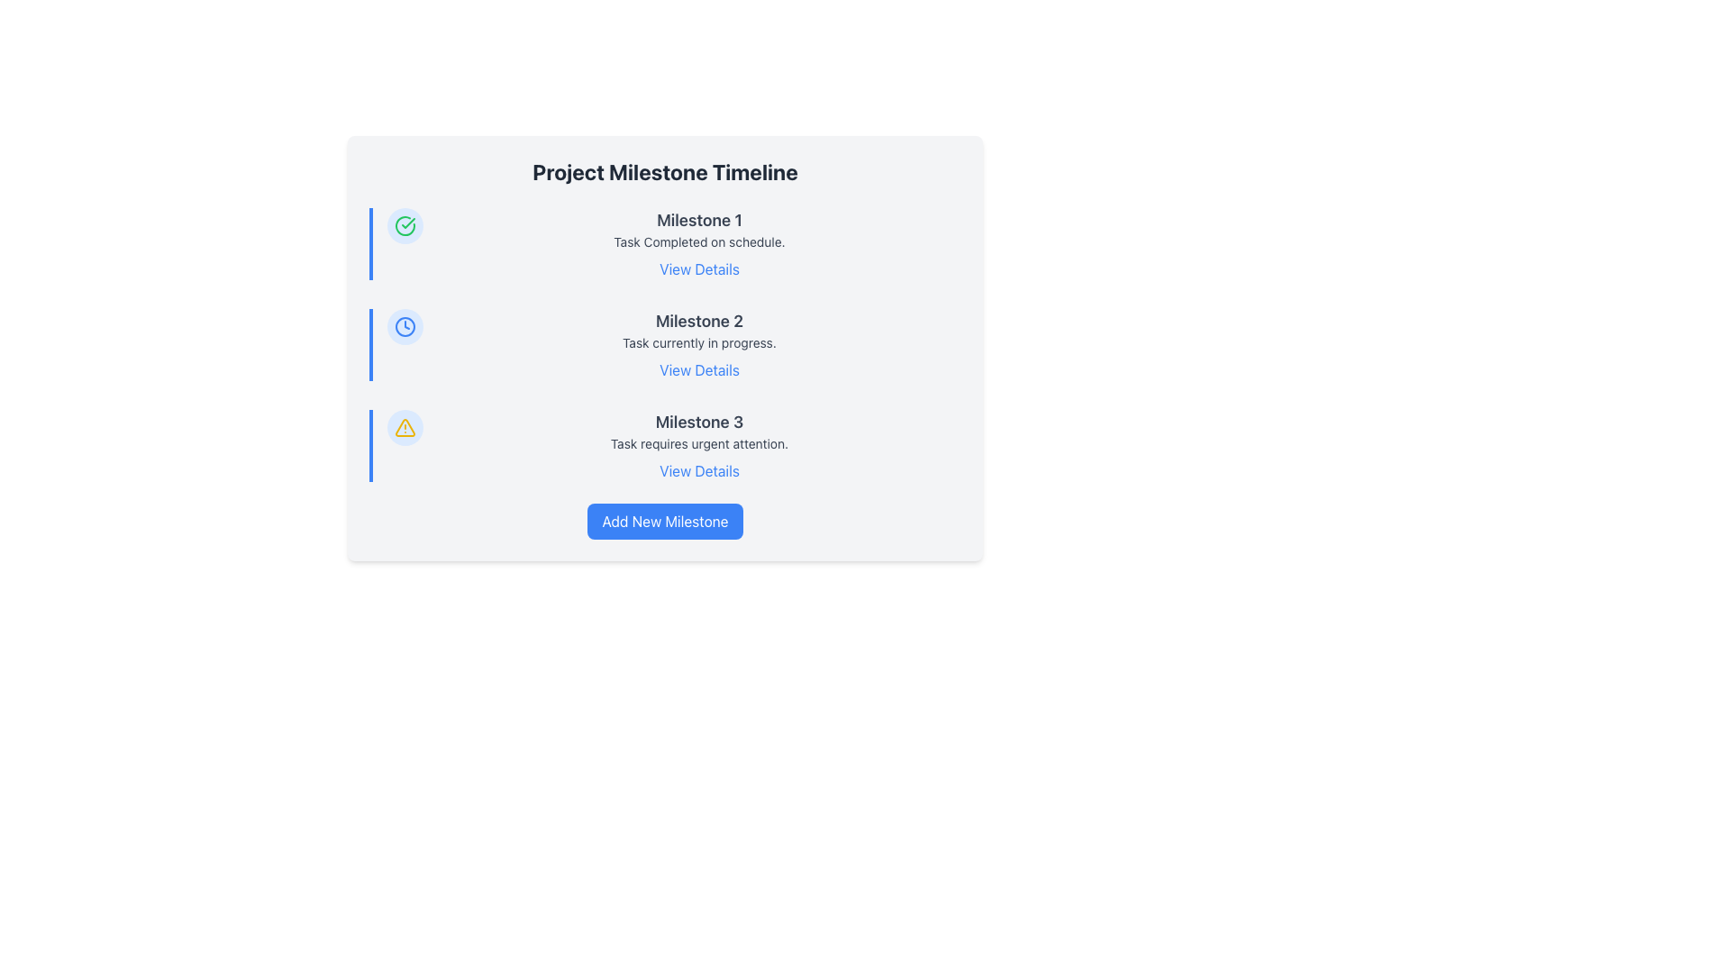 This screenshot has width=1730, height=973. What do you see at coordinates (405, 224) in the screenshot?
I see `the first milestone completion icon, which is visually represented by a rounded blue-tinted background and is located next to the text 'Milestone 1'` at bounding box center [405, 224].